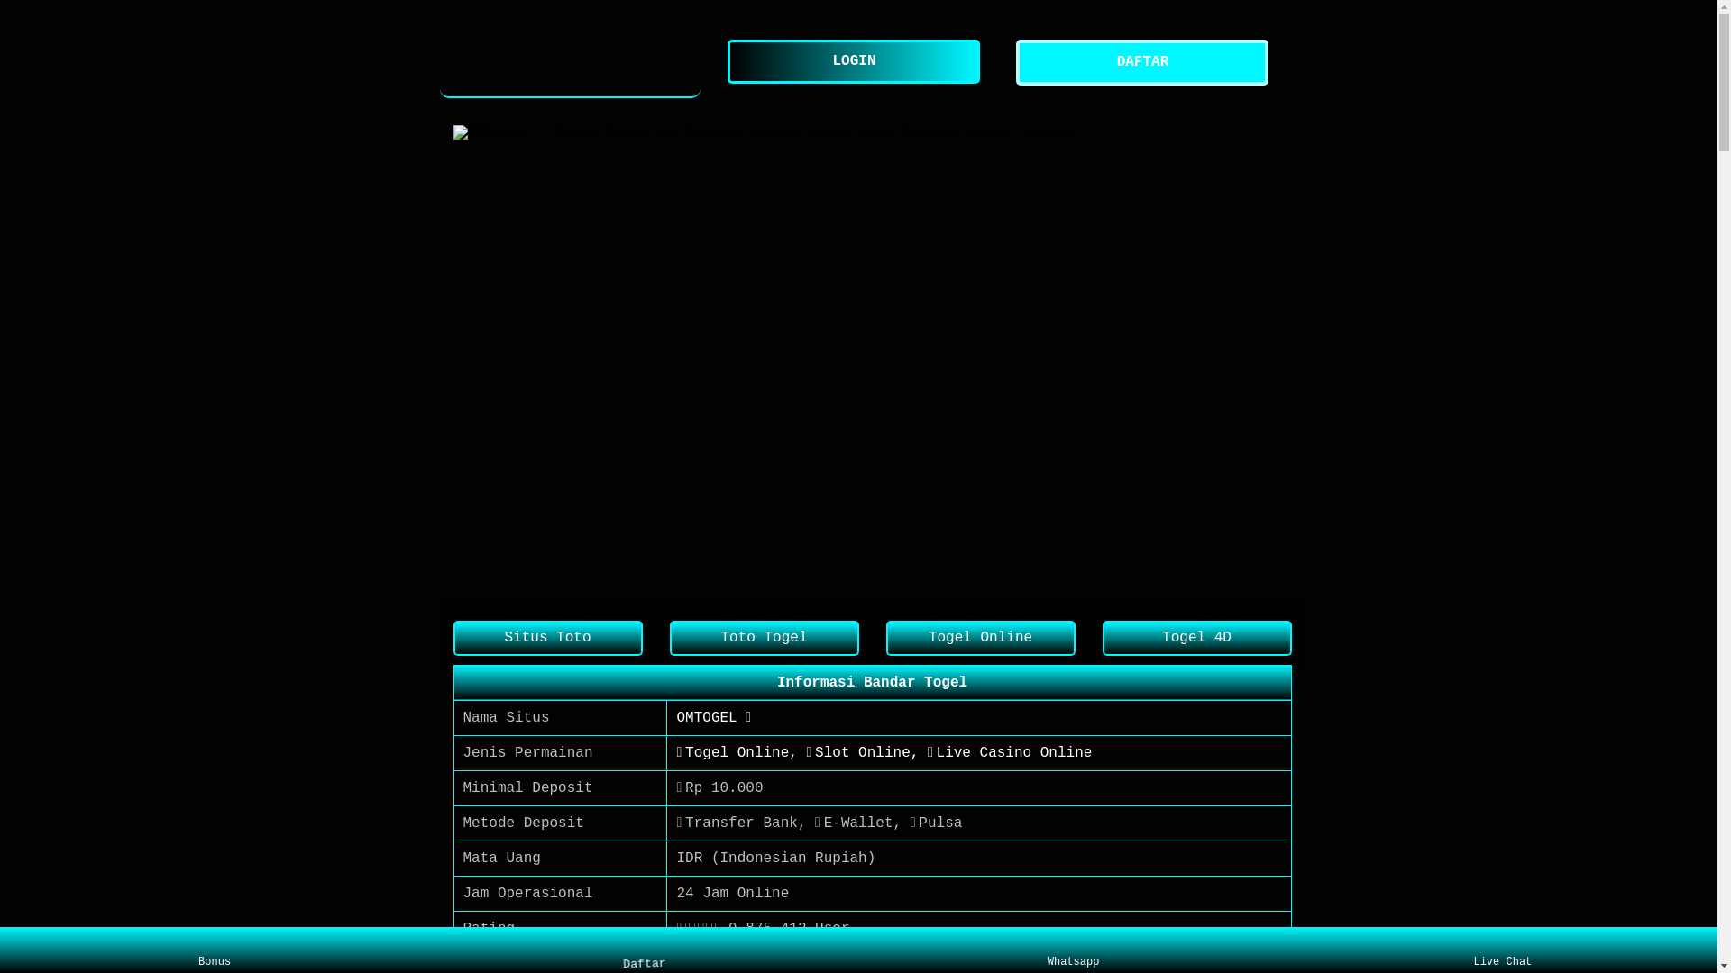 This screenshot has width=1731, height=973. What do you see at coordinates (978, 637) in the screenshot?
I see `'Togel Online'` at bounding box center [978, 637].